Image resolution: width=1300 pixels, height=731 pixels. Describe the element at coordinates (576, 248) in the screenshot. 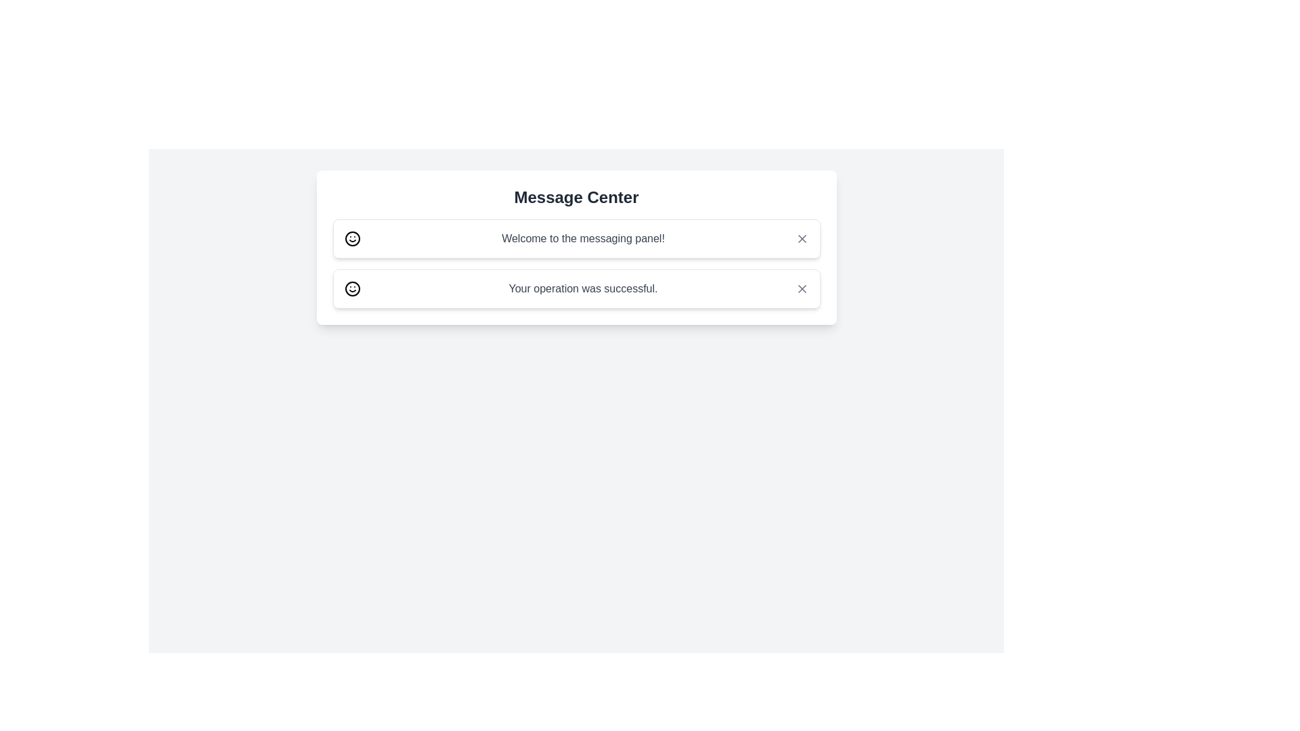

I see `the Notification box that contains the text 'Welcome to the messaging panel!' and is styled with a clean design, positioned under the 'Message Center' heading` at that location.